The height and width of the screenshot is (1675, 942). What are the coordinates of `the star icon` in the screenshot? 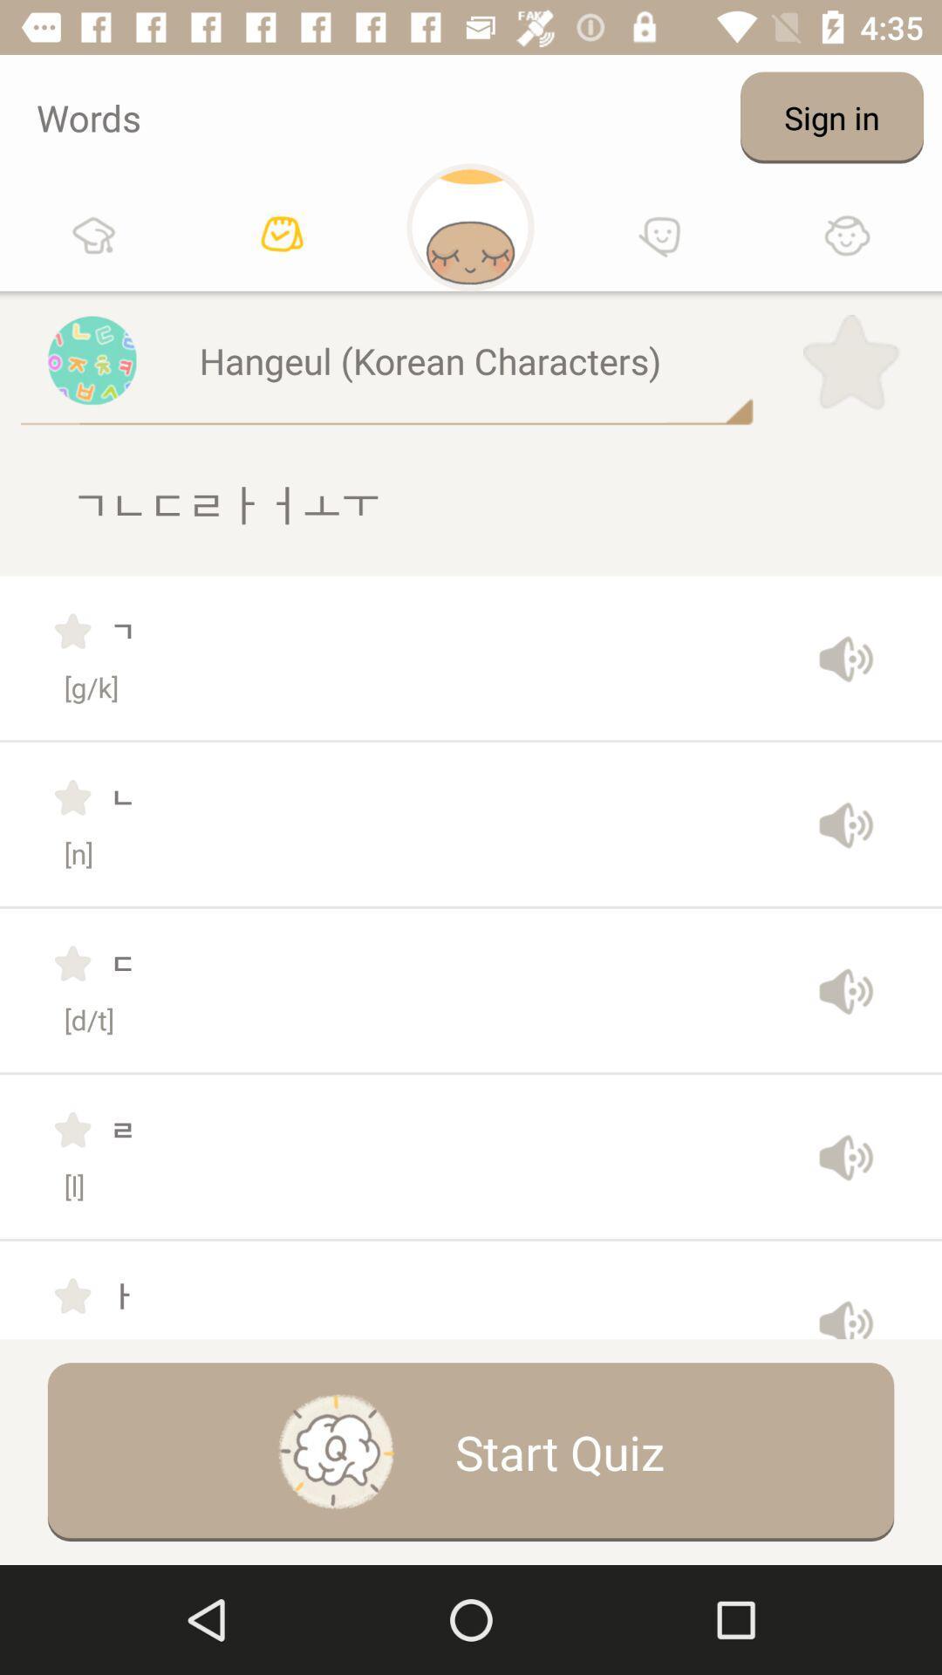 It's located at (850, 361).